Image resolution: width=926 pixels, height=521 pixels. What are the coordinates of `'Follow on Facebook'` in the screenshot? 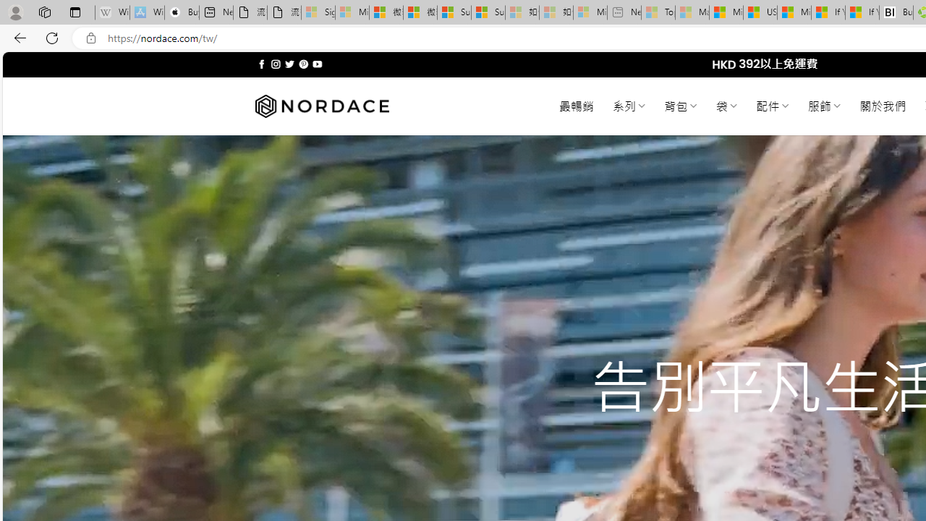 It's located at (262, 64).